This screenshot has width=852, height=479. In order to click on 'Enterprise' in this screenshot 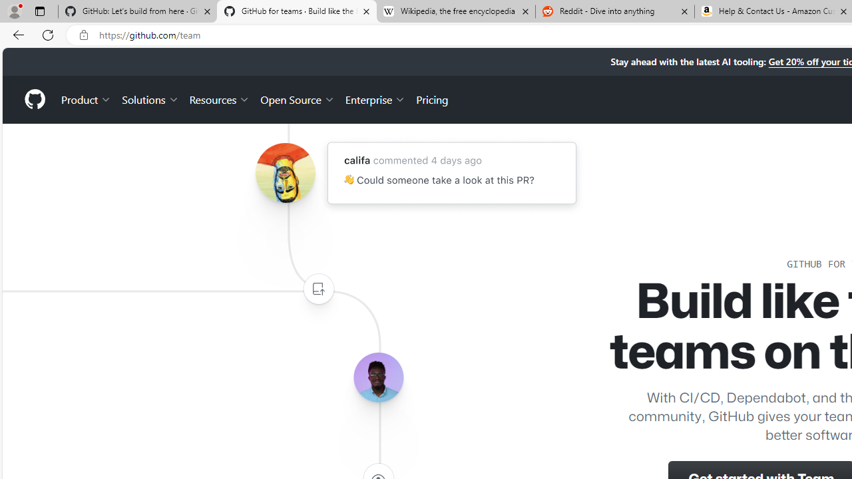, I will do `click(374, 98)`.